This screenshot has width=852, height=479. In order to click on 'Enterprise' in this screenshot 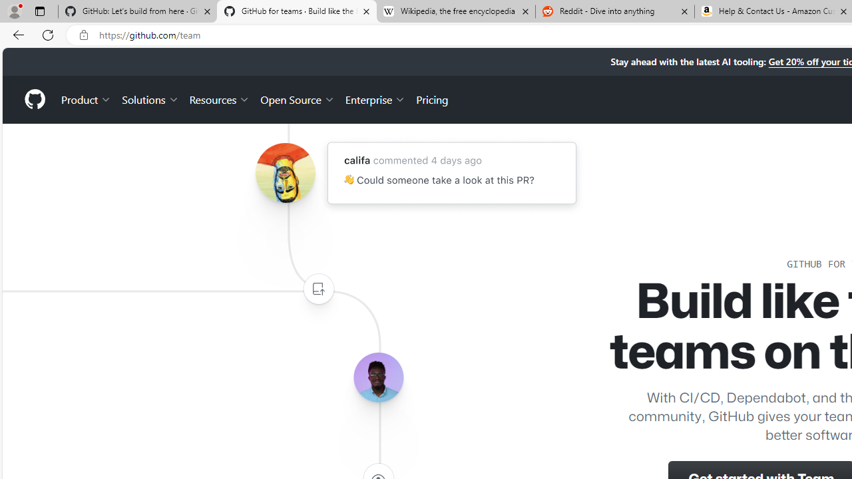, I will do `click(374, 98)`.